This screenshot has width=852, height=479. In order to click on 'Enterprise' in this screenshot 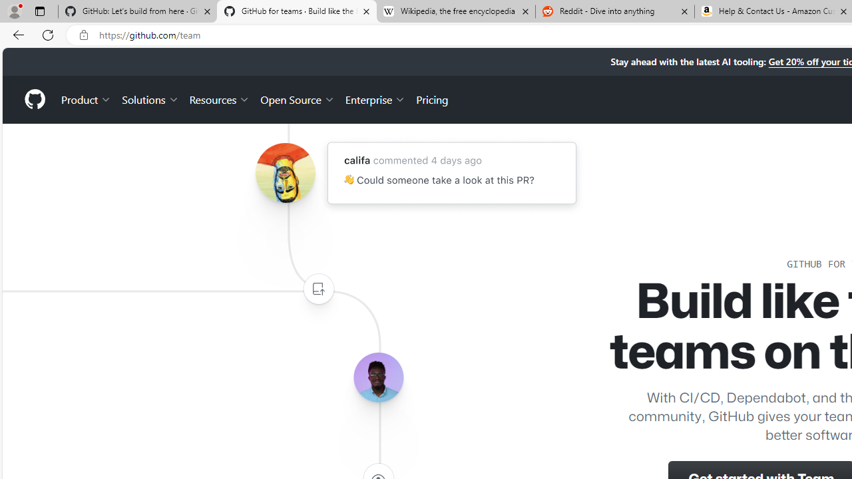, I will do `click(374, 98)`.